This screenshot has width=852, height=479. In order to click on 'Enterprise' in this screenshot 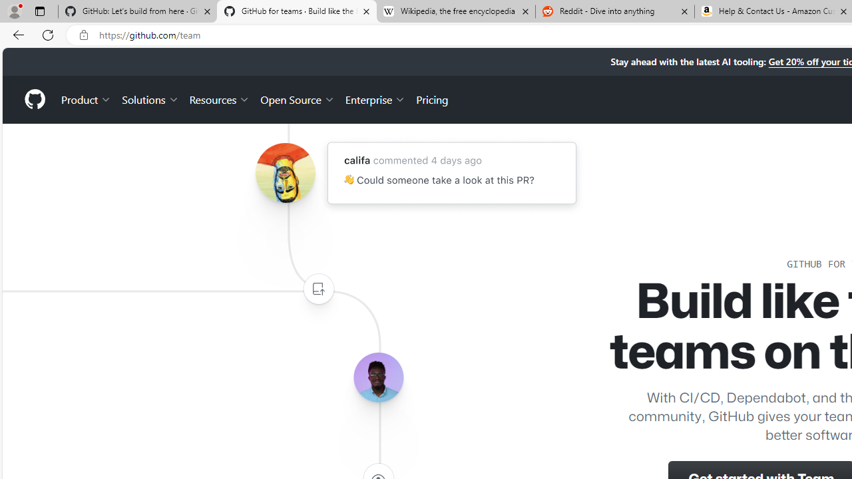, I will do `click(374, 98)`.